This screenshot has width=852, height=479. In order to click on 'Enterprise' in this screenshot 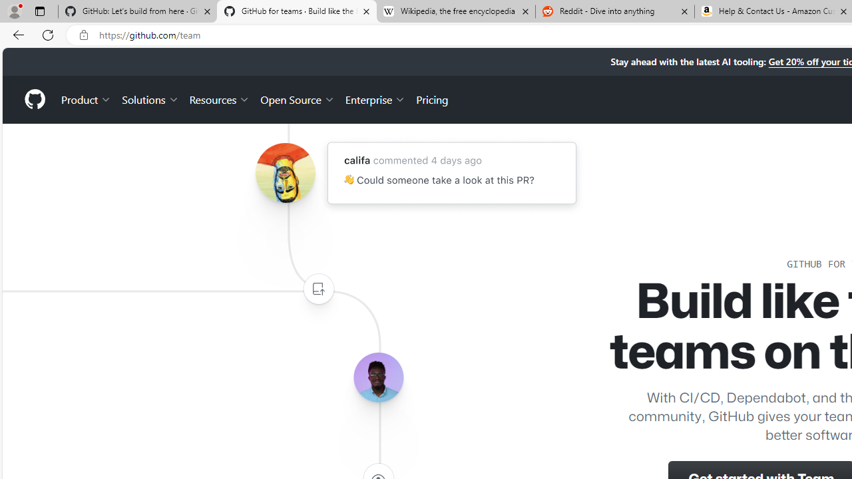, I will do `click(374, 98)`.